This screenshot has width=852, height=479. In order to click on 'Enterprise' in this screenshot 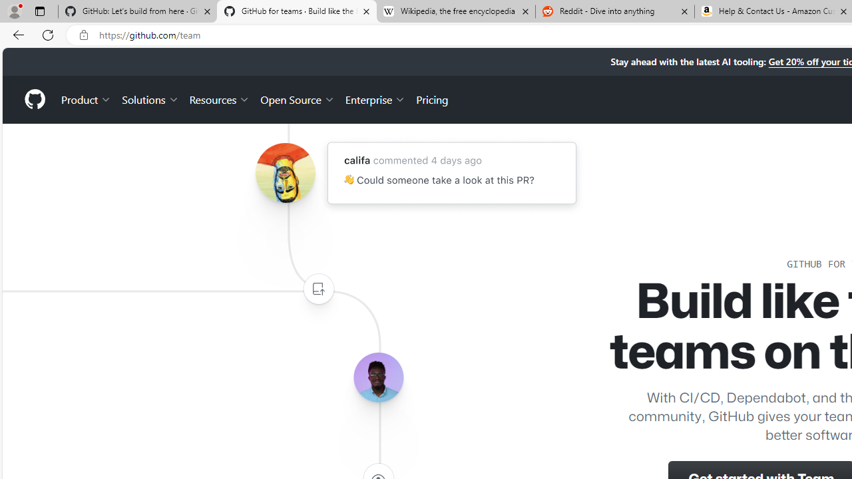, I will do `click(374, 98)`.